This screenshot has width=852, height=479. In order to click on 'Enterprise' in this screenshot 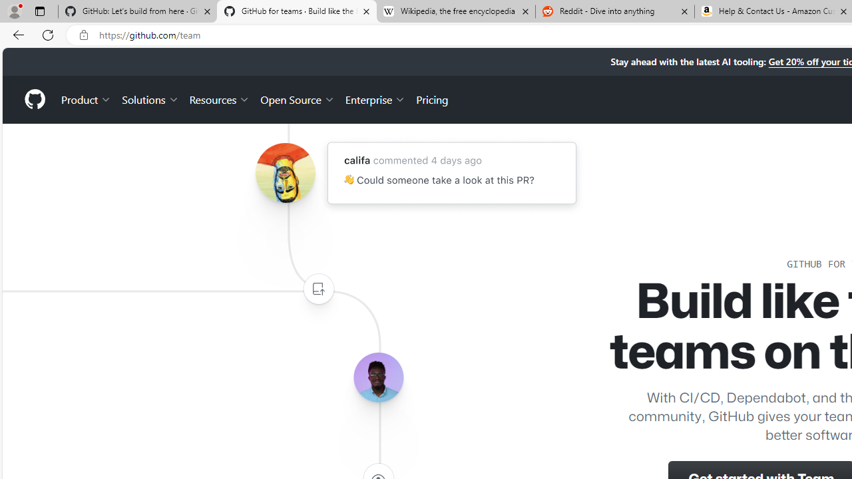, I will do `click(374, 98)`.